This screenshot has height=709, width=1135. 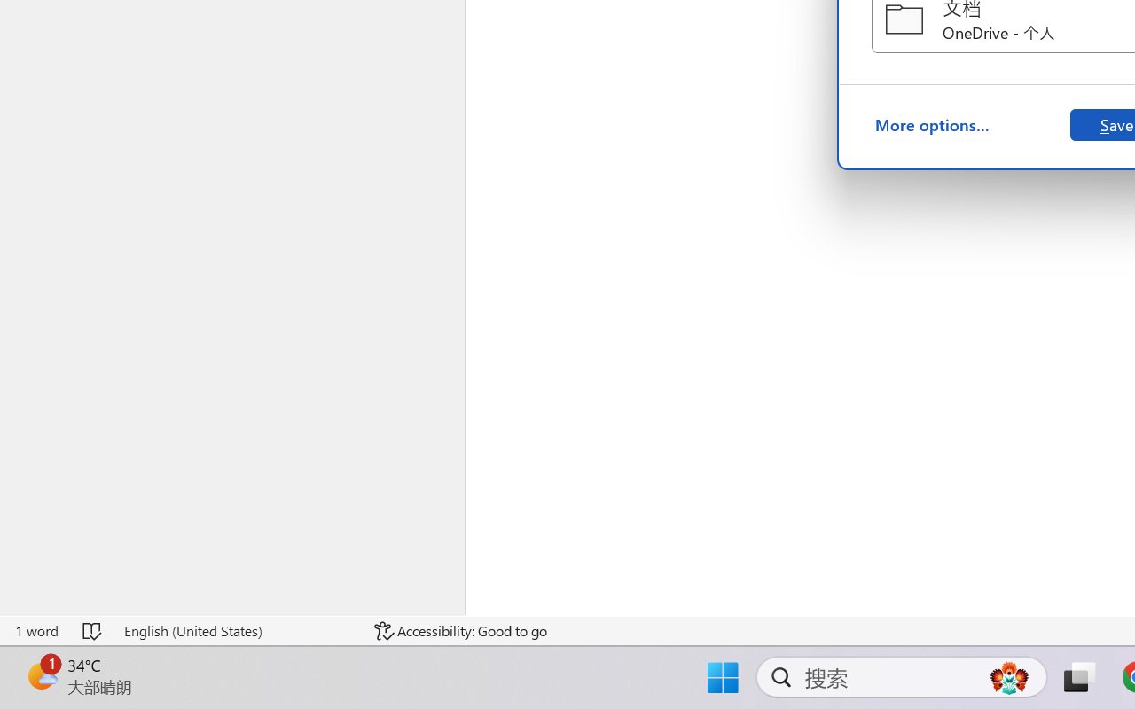 I want to click on 'Language English (United States)', so click(x=236, y=630).